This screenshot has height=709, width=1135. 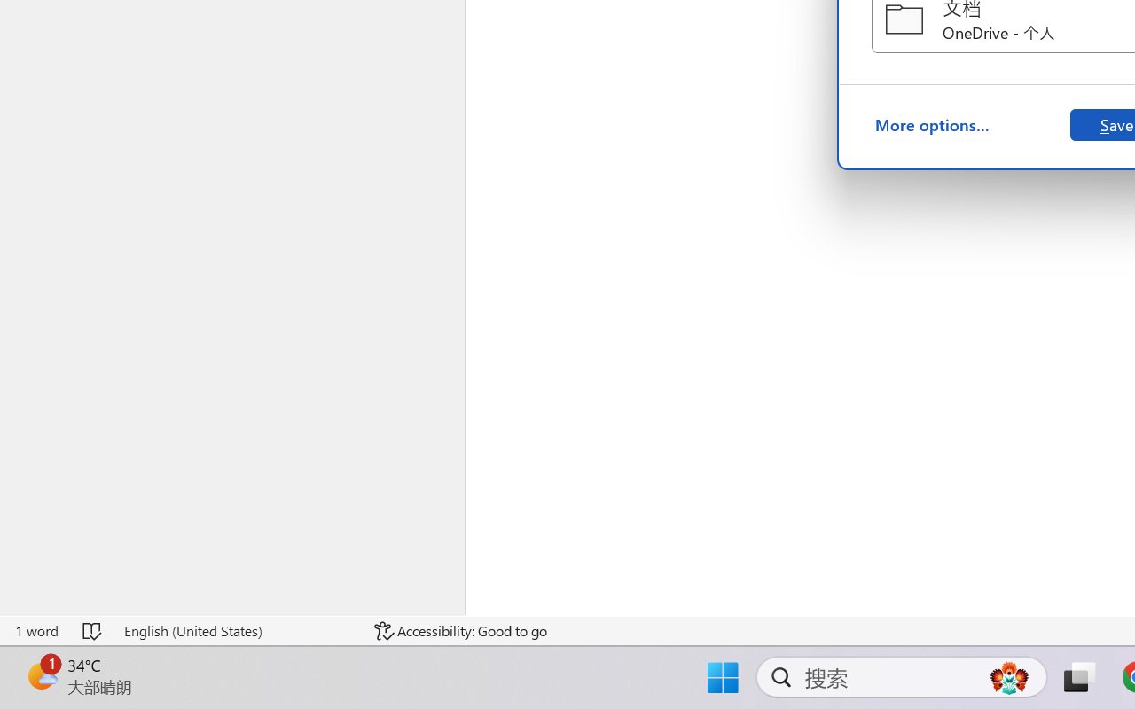 I want to click on 'Language English (United States)', so click(x=236, y=630).